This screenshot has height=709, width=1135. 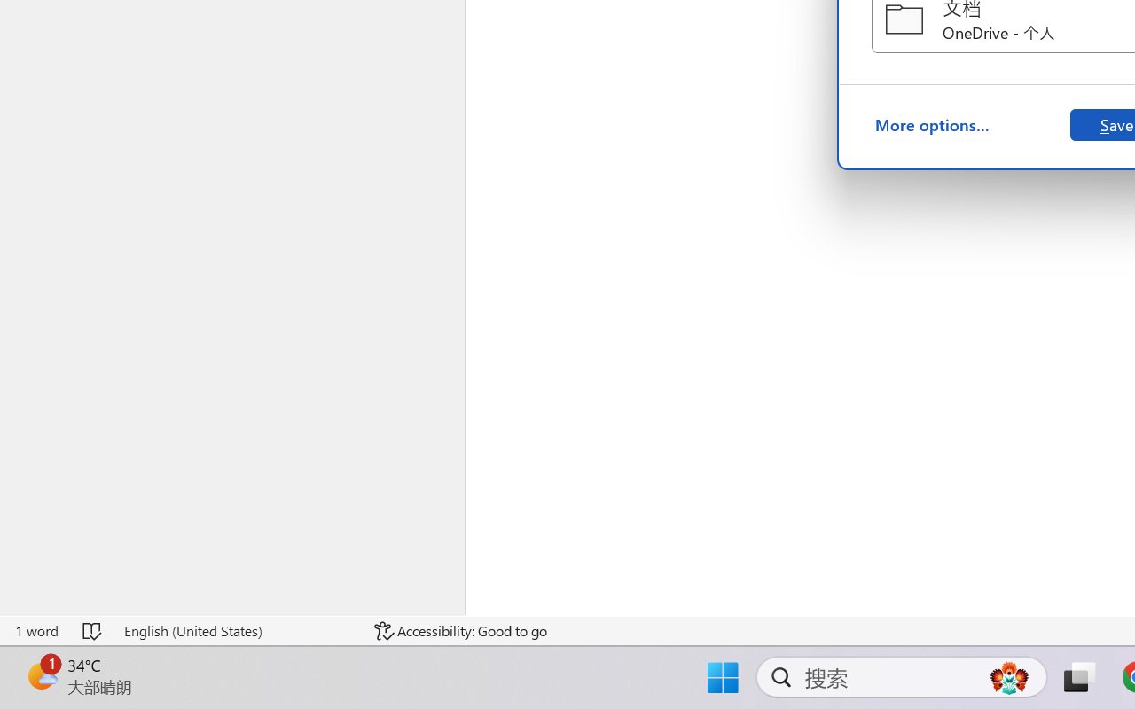 I want to click on 'Language English (United States)', so click(x=236, y=630).